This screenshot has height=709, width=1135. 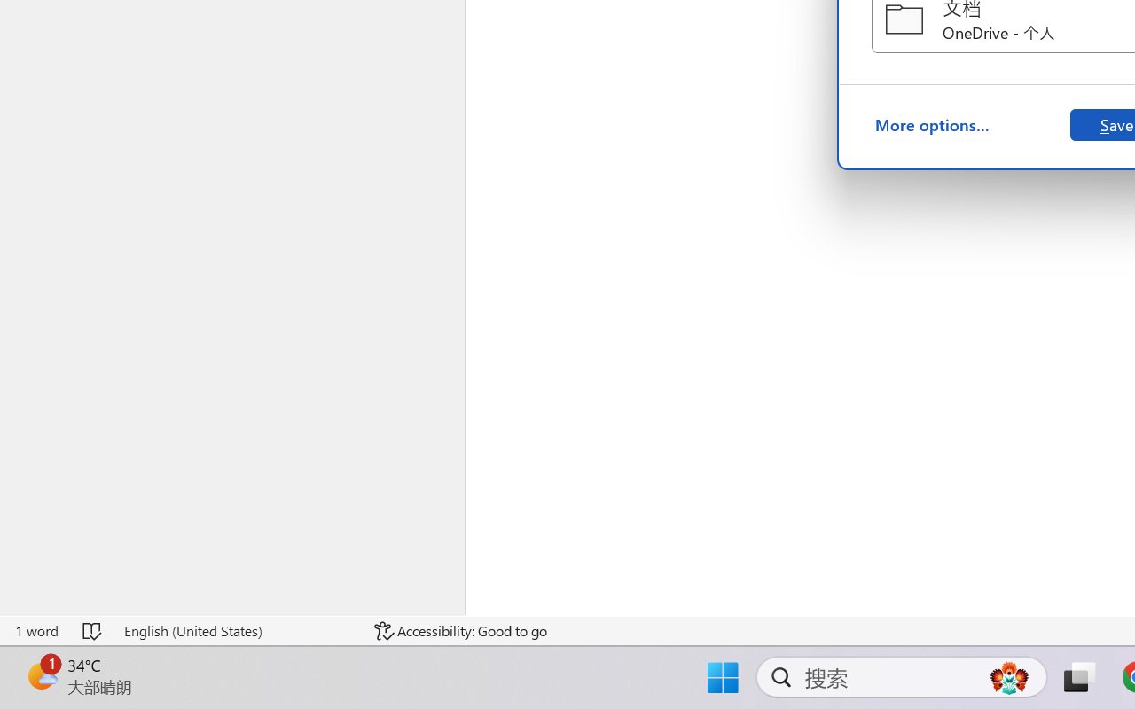 I want to click on 'Language English (United States)', so click(x=236, y=630).